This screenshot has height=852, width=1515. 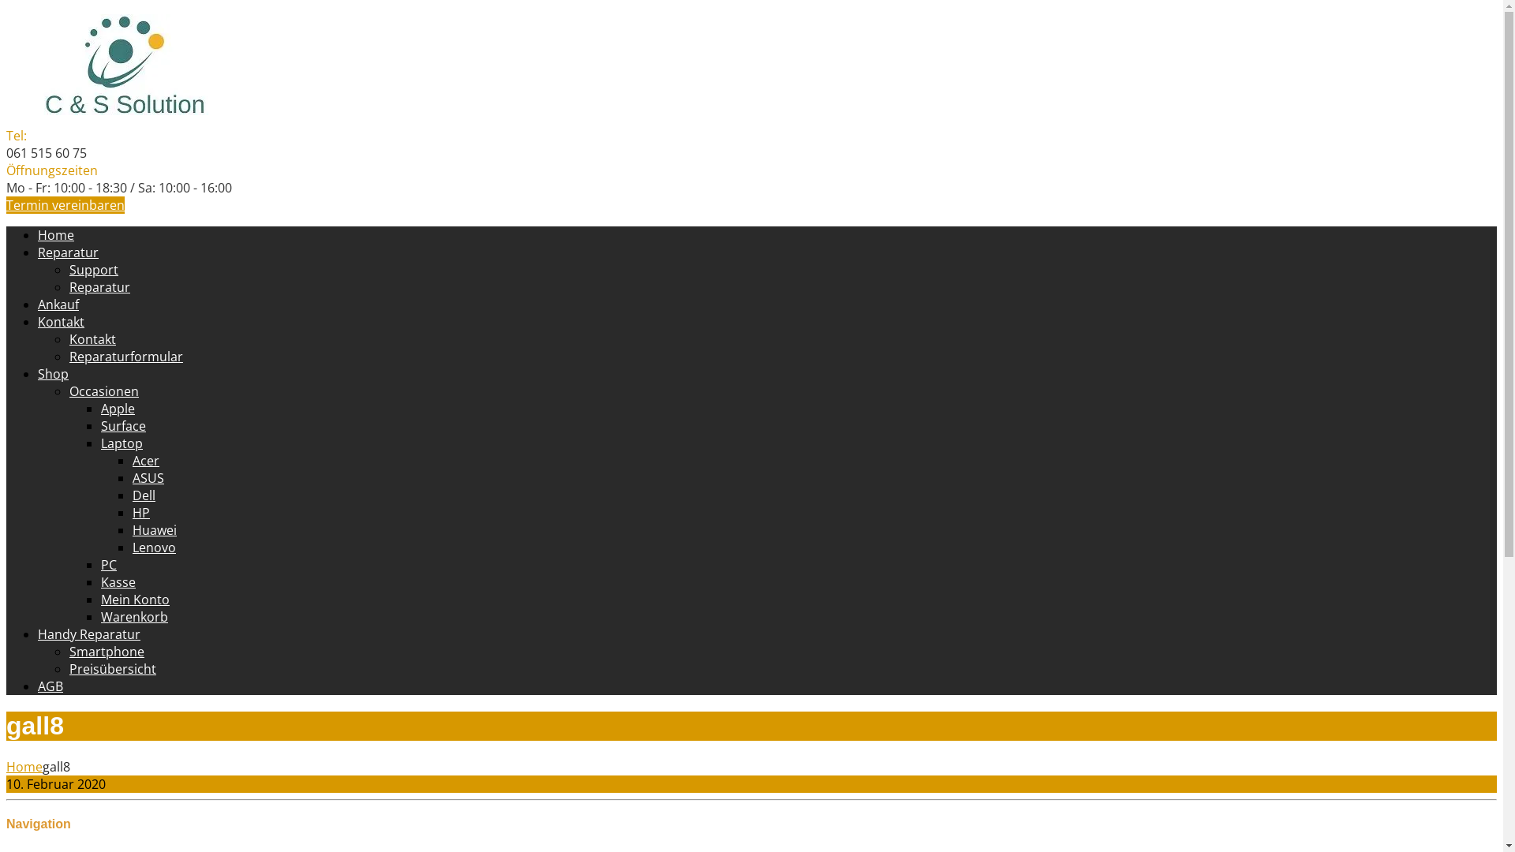 I want to click on 'Dell', so click(x=144, y=495).